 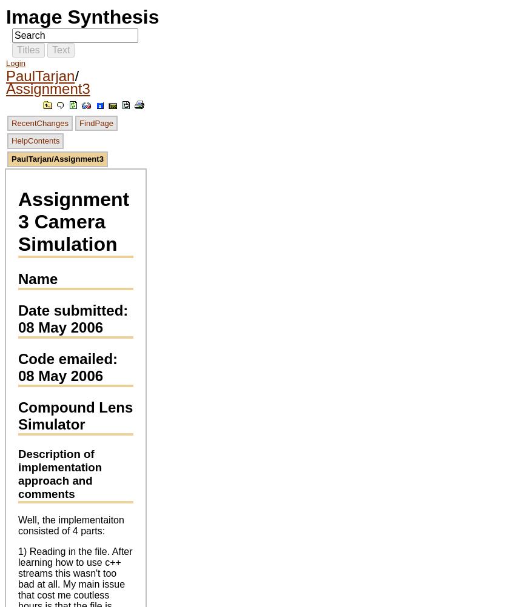 I want to click on 'Well, the implementaiton consisted of 4 parts:', so click(x=71, y=525).